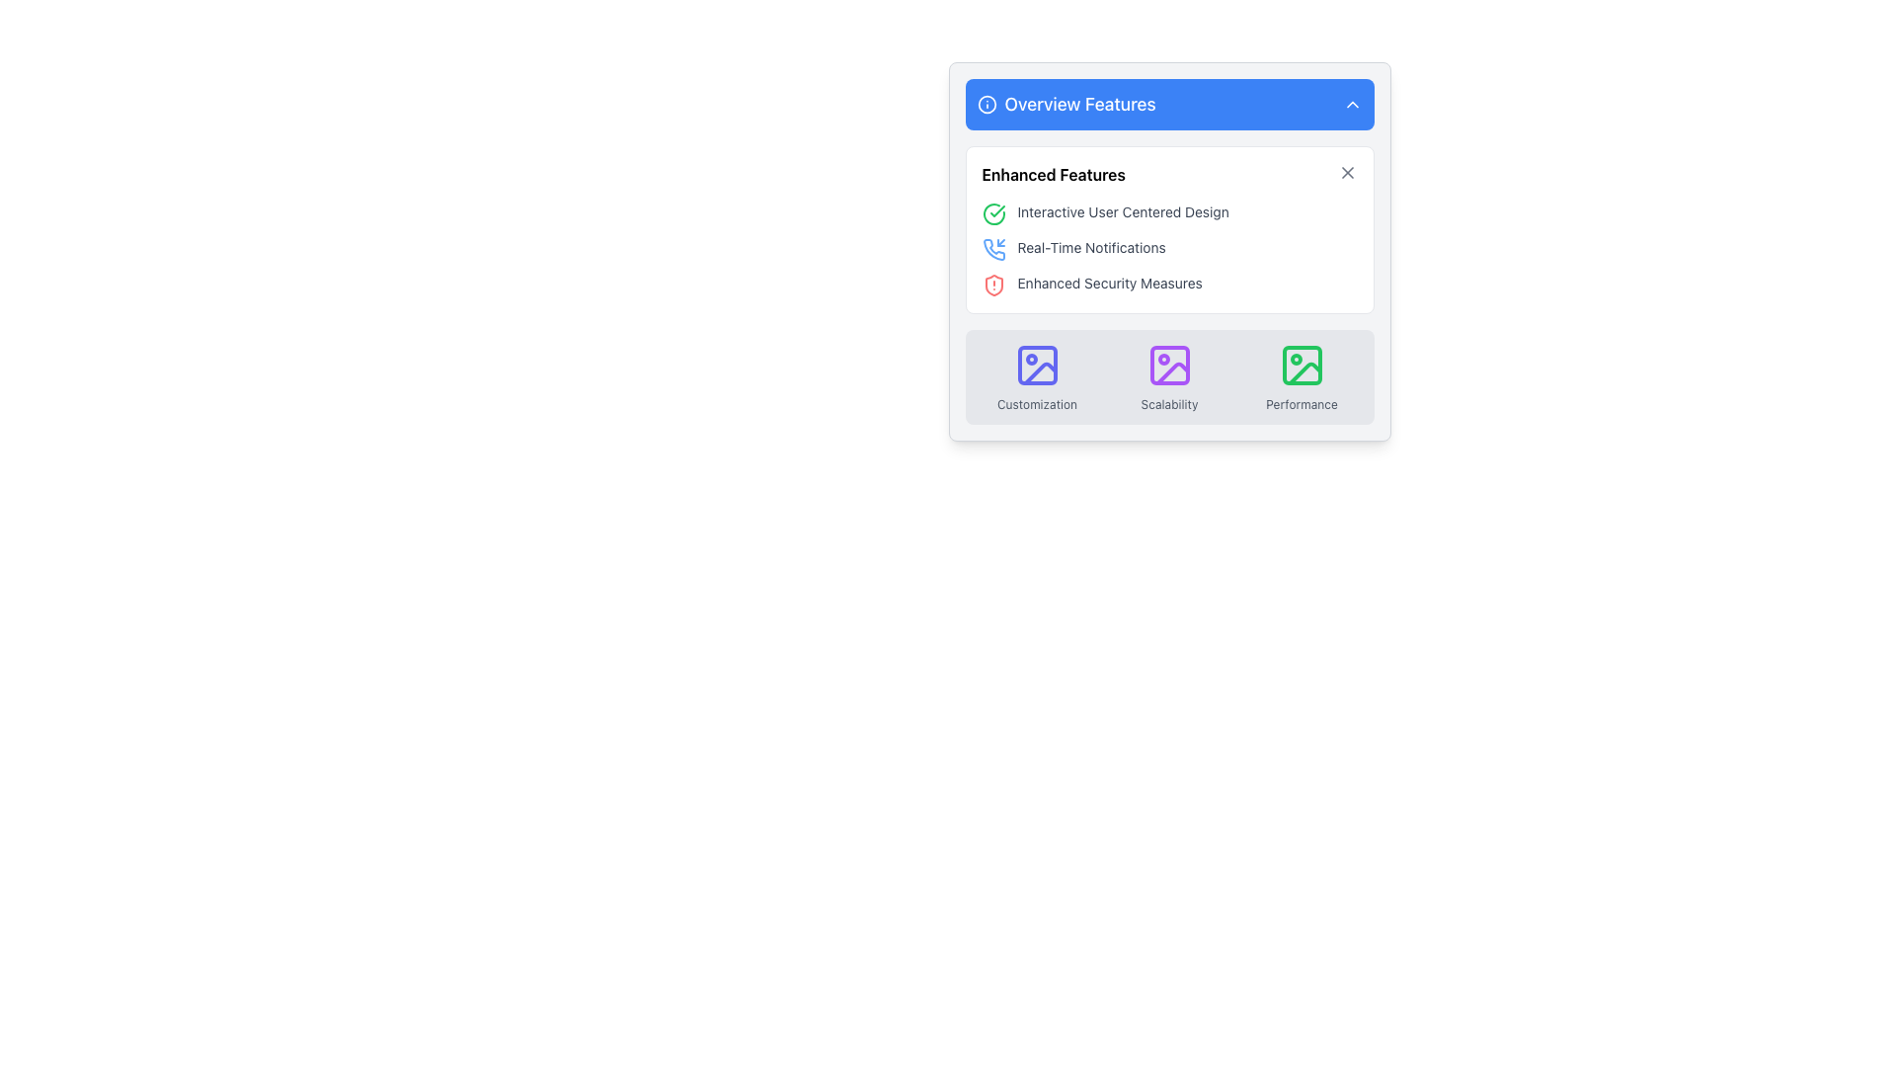  What do you see at coordinates (1346, 171) in the screenshot?
I see `the 'X' mark icon located in the upper-right corner of the 'Enhanced Features' content area` at bounding box center [1346, 171].